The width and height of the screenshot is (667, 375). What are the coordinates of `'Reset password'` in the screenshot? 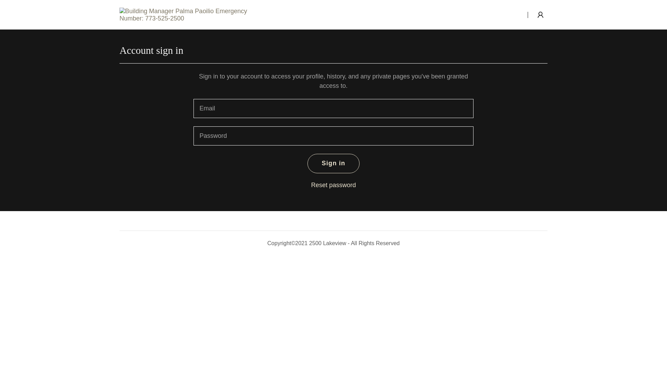 It's located at (333, 184).